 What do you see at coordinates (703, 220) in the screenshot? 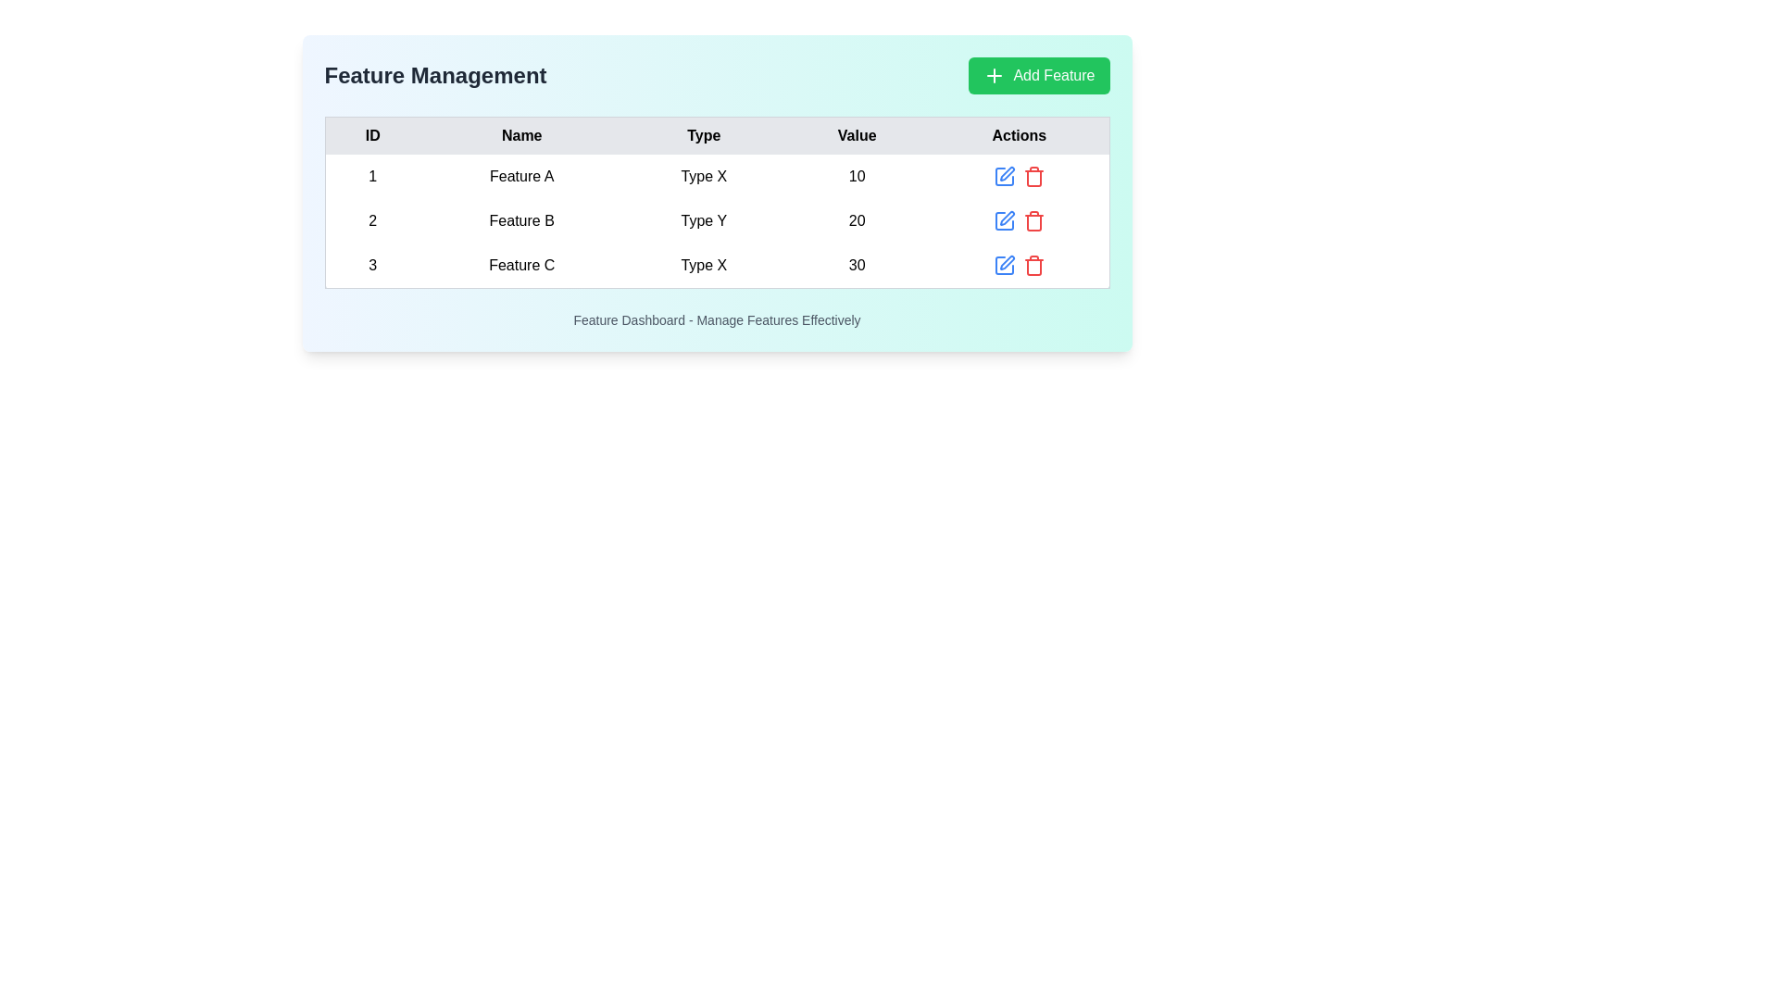
I see `the Text Display indicating the type designation for 'Feature B' in the Type column of the table` at bounding box center [703, 220].